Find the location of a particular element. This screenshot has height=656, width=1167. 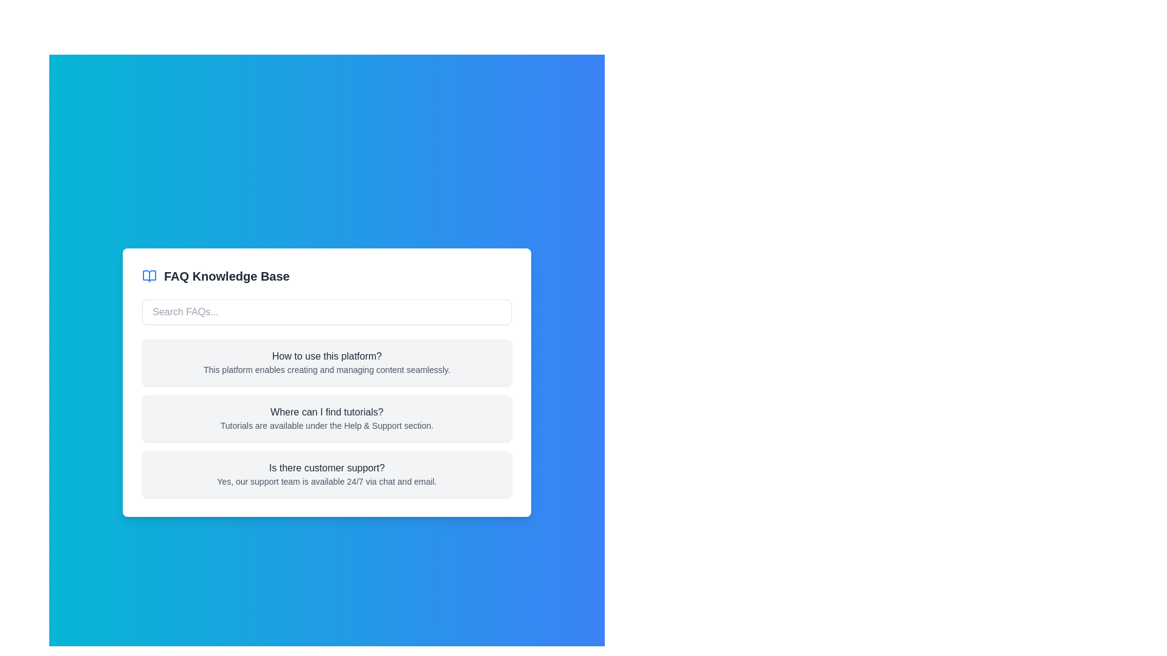

the Label (Text) element that serves as a title for the knowledge base or FAQ section, located near the top of the interface to the right of a blue open book icon is located at coordinates (227, 276).